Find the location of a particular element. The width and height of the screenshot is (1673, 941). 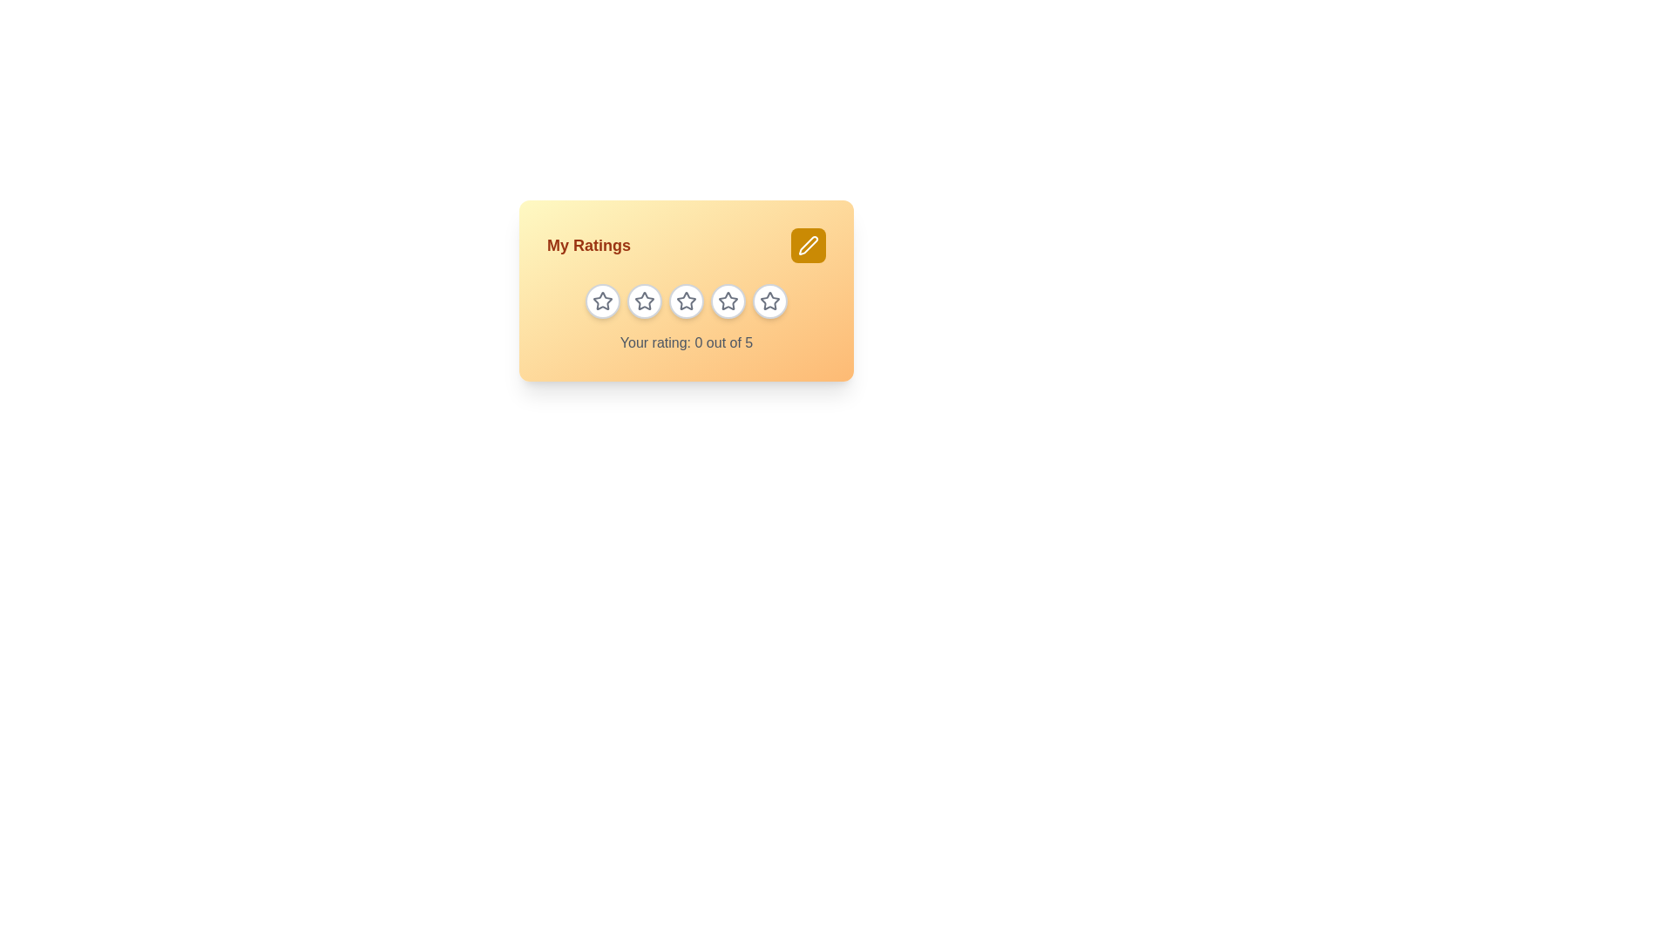

the third star icon in the rating system is located at coordinates (728, 300).